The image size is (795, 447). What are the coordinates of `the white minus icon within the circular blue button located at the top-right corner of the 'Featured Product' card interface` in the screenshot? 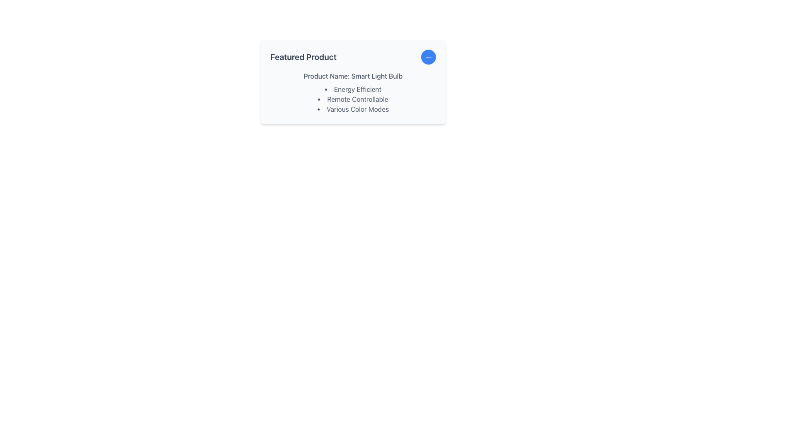 It's located at (429, 57).